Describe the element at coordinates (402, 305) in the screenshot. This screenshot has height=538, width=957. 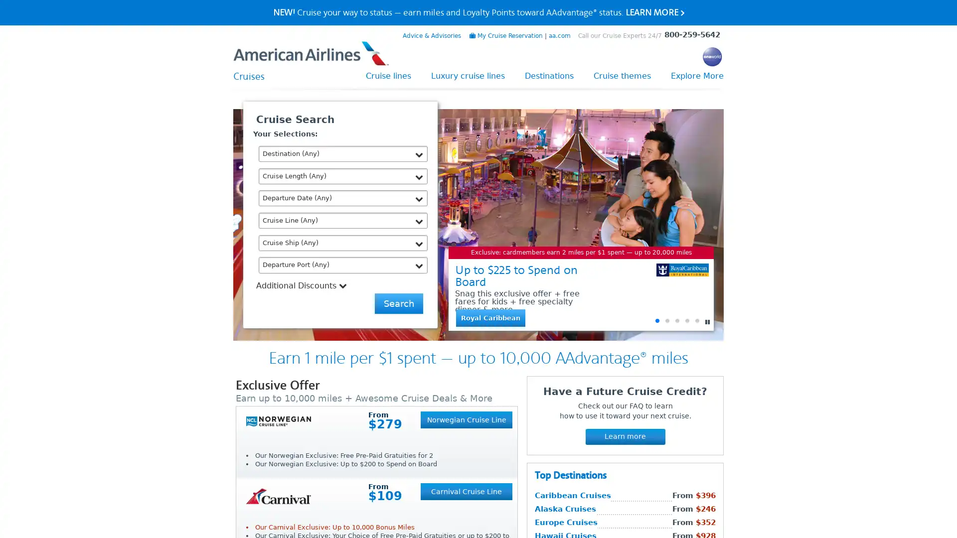
I see `Send Me Deals` at that location.